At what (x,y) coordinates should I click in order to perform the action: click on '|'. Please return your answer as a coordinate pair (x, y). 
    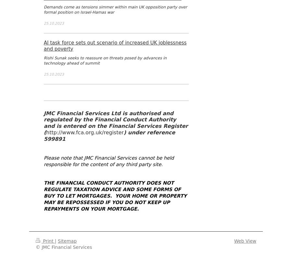
    Looking at the image, I should click on (55, 241).